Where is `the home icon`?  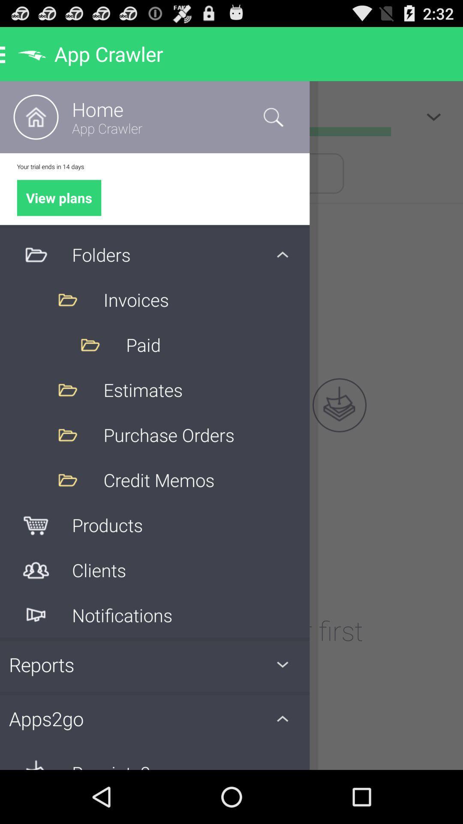 the home icon is located at coordinates (36, 125).